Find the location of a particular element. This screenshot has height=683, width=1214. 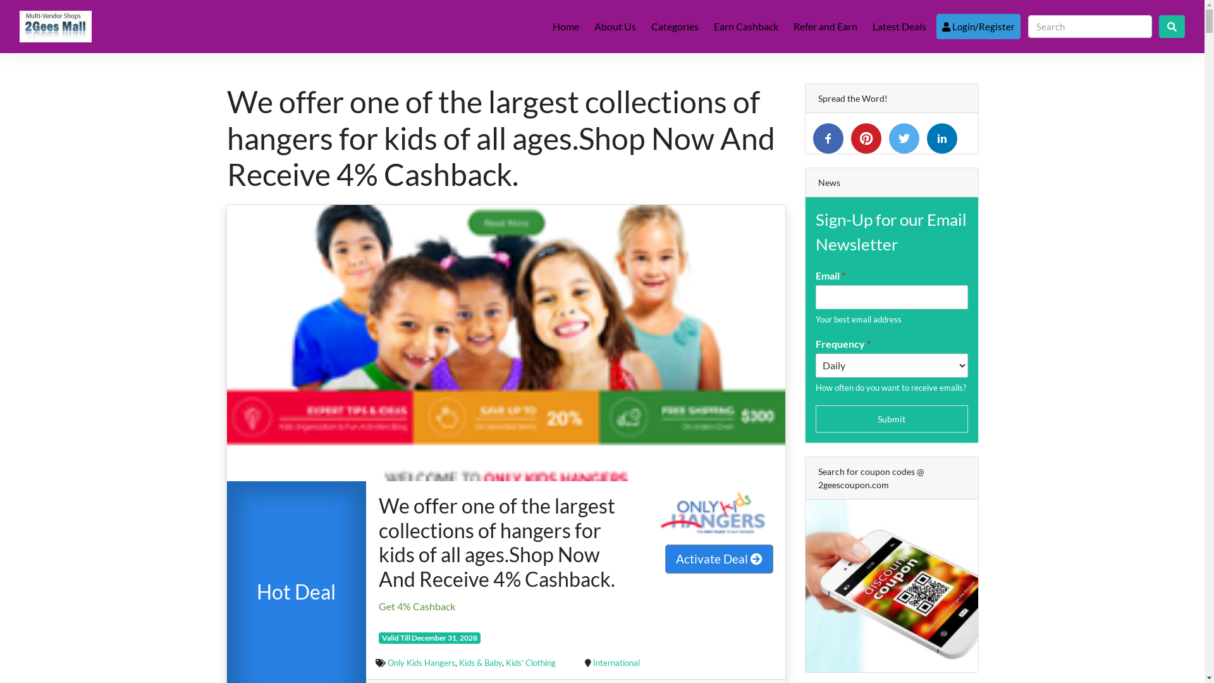

'Refer and Earn' is located at coordinates (788, 27).